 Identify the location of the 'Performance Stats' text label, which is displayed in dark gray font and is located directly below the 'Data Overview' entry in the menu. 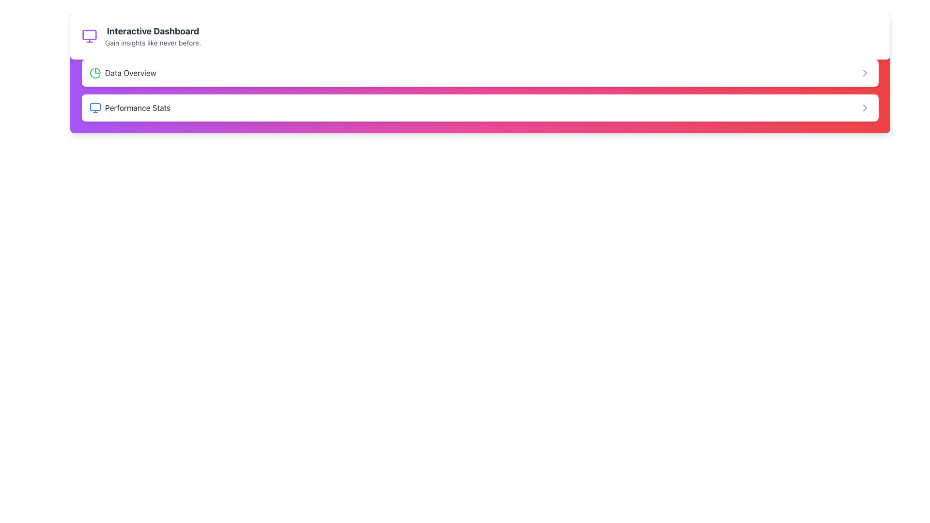
(137, 108).